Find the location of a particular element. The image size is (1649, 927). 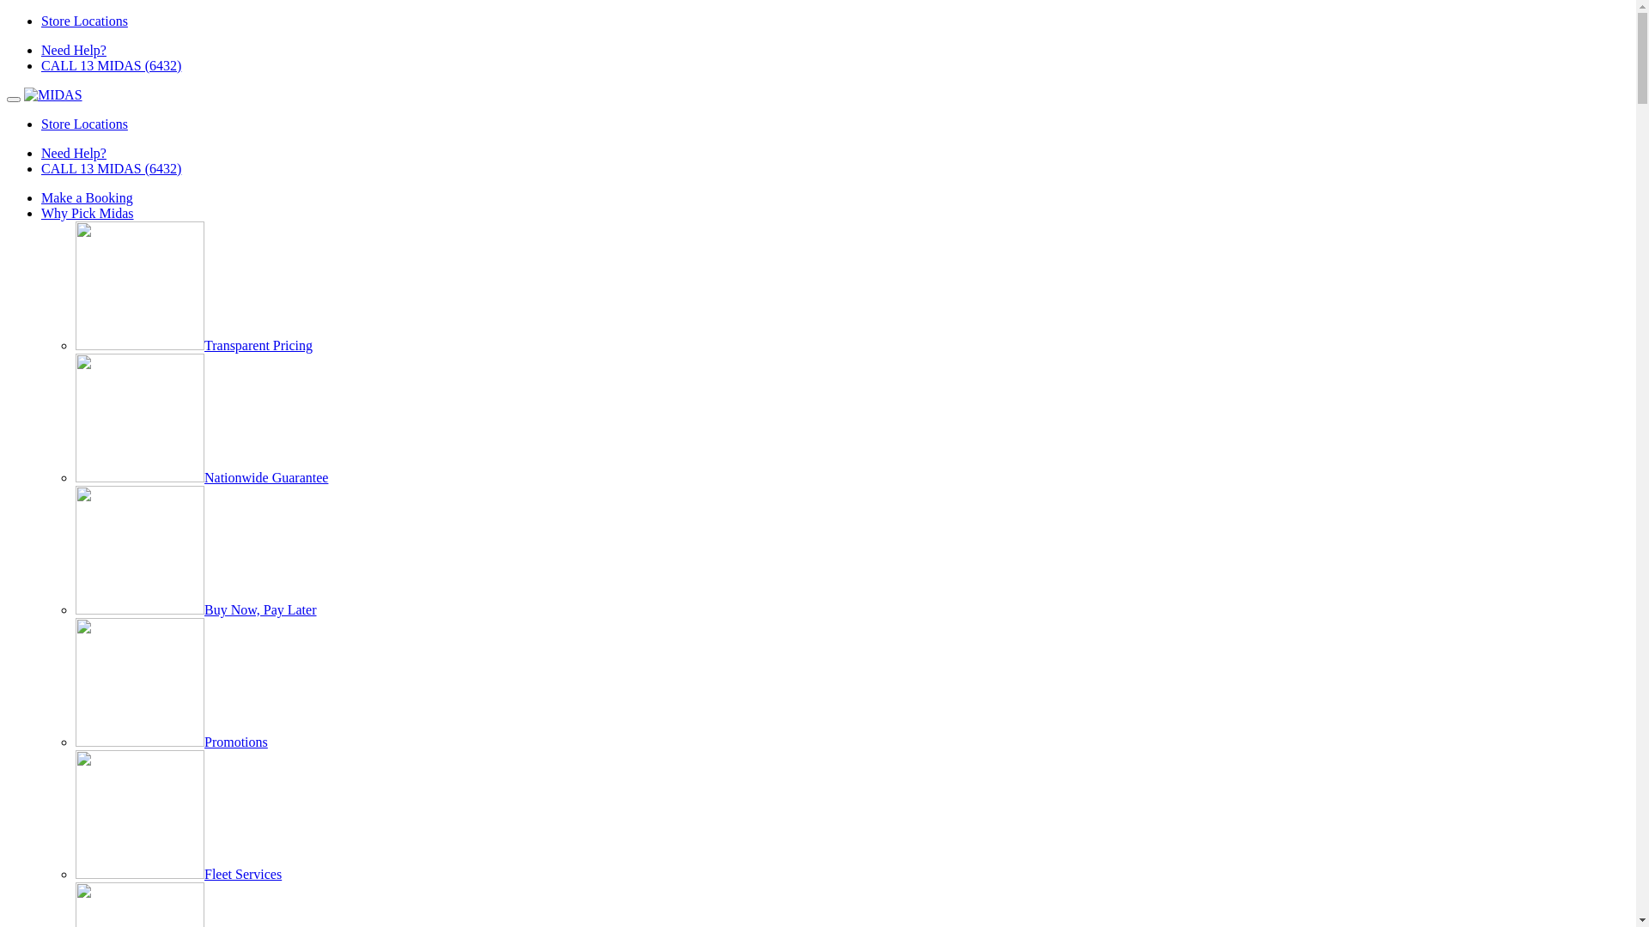

'Need Help?' is located at coordinates (73, 49).